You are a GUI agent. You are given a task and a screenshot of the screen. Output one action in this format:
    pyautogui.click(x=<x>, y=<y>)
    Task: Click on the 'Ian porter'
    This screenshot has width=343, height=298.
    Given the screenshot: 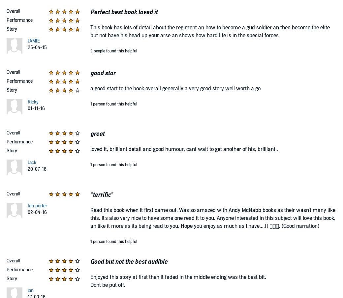 What is the action you would take?
    pyautogui.click(x=37, y=205)
    